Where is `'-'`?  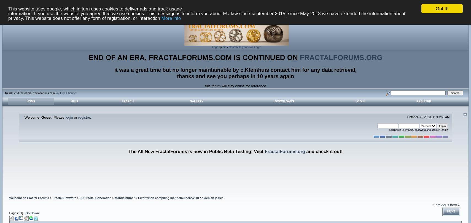 '-' is located at coordinates (227, 47).